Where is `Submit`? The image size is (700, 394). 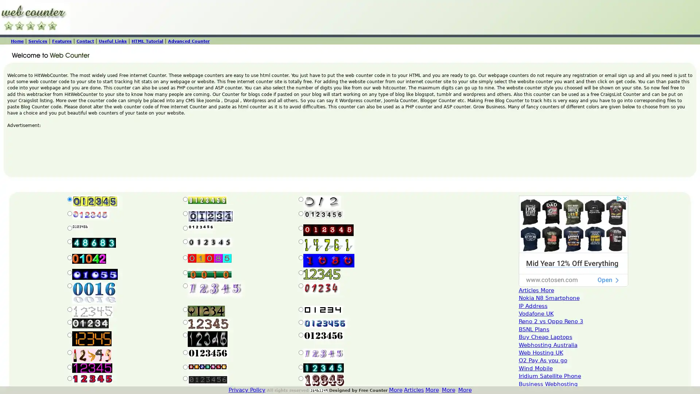 Submit is located at coordinates (91, 354).